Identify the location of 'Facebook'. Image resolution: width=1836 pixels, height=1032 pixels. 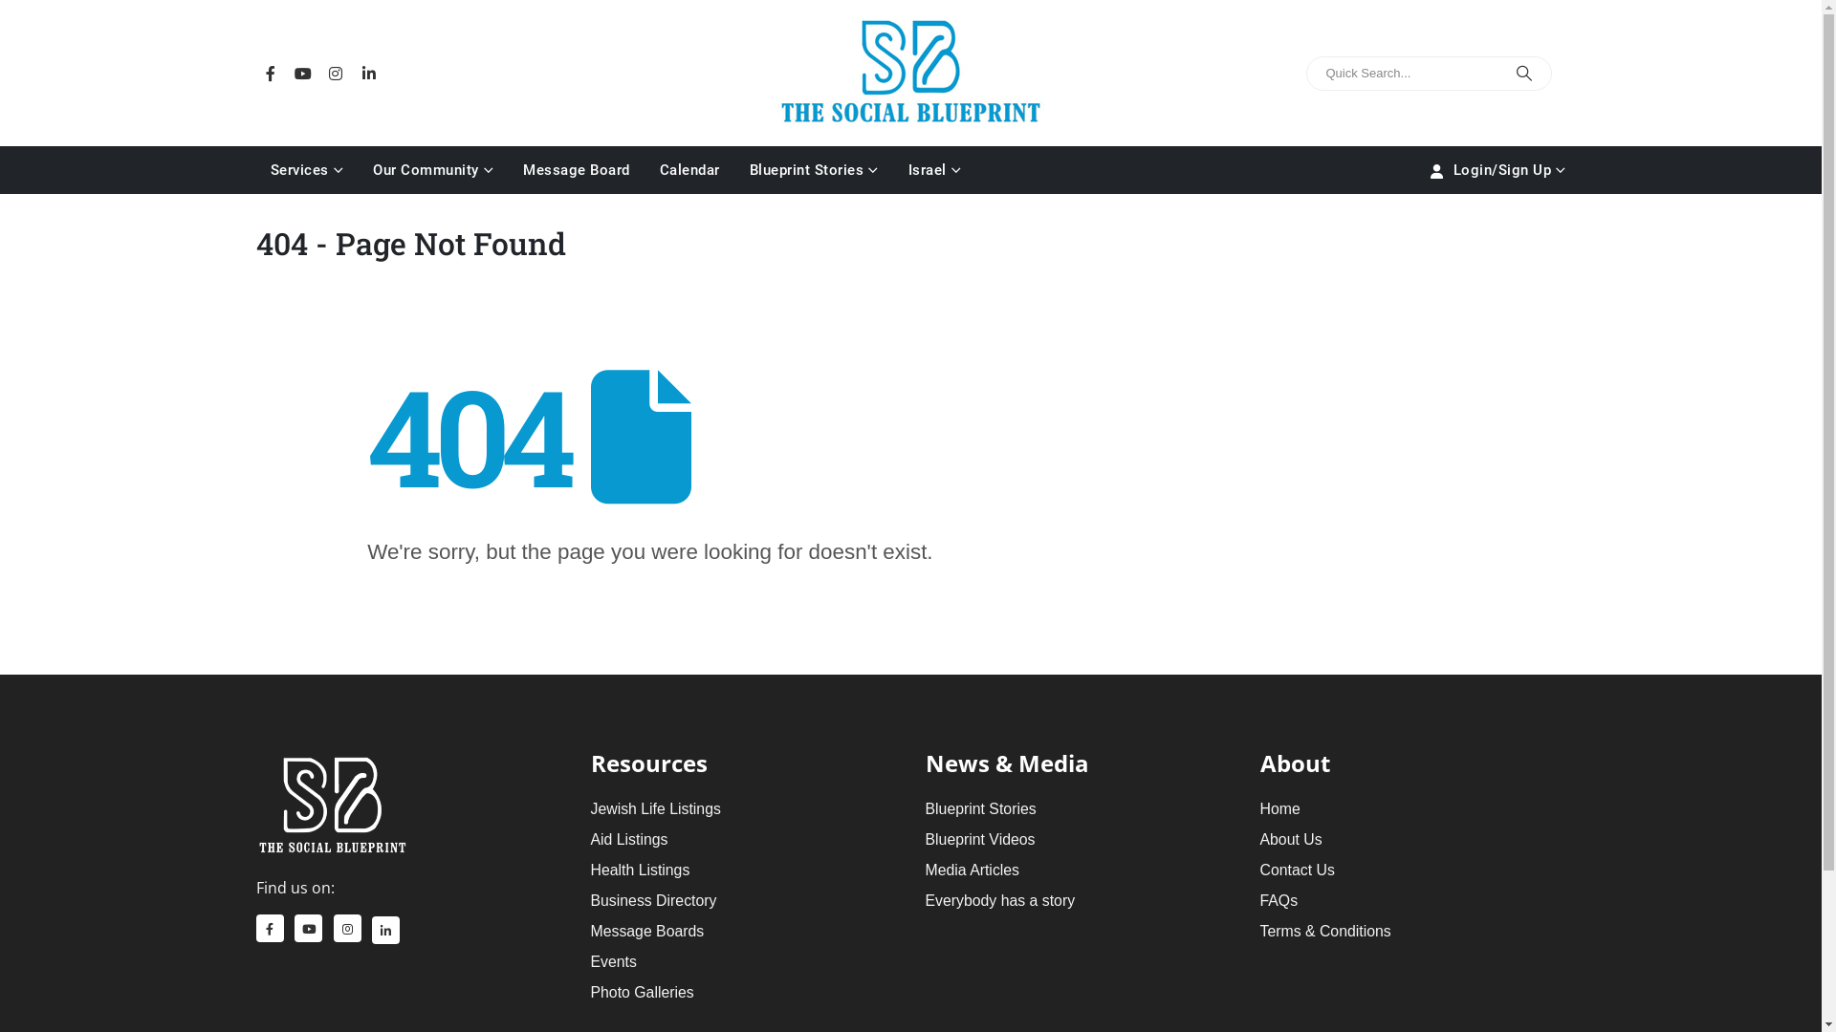
(255, 72).